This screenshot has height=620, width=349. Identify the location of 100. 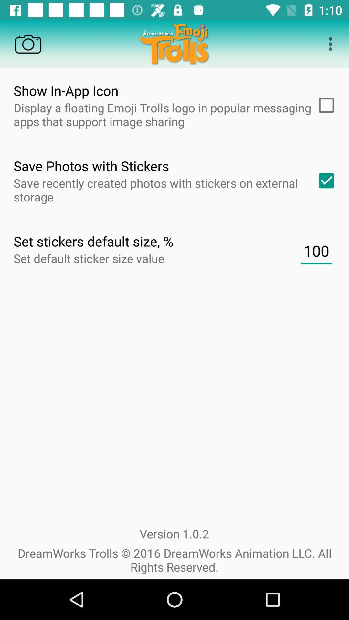
(316, 251).